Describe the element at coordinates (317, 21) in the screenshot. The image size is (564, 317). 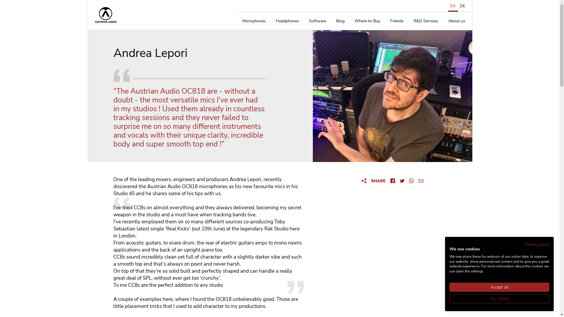
I see `'Software'` at that location.